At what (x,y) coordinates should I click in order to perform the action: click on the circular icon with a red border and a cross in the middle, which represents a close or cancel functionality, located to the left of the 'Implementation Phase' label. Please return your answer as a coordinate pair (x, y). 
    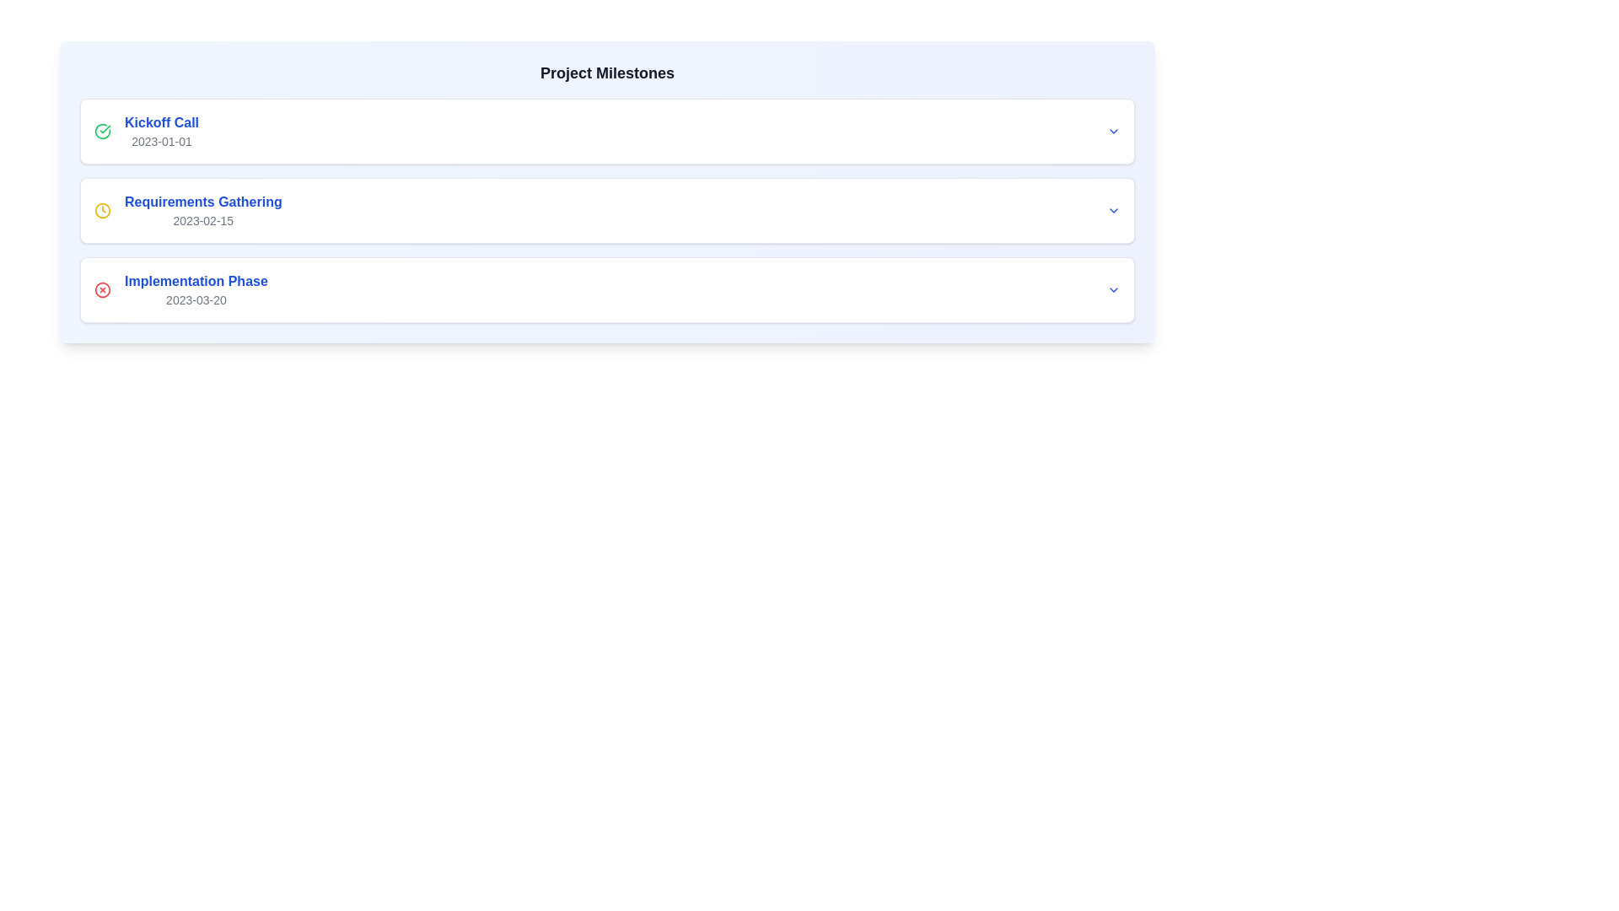
    Looking at the image, I should click on (101, 288).